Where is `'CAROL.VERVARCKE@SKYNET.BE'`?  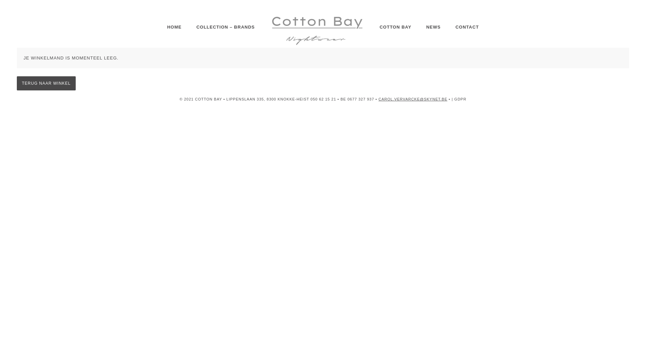
'CAROL.VERVARCKE@SKYNET.BE' is located at coordinates (412, 99).